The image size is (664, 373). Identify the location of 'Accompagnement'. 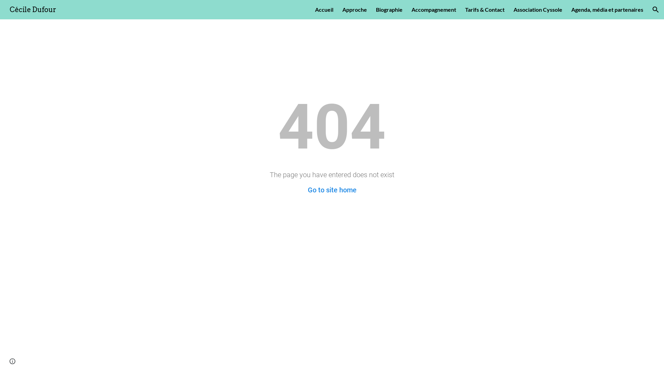
(433, 9).